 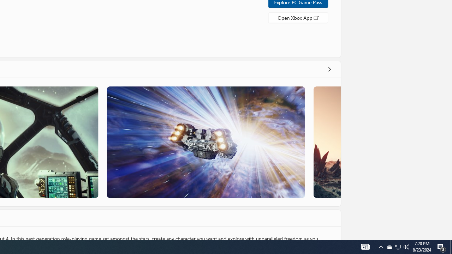 What do you see at coordinates (326, 142) in the screenshot?
I see `'Screenshot 4'` at bounding box center [326, 142].